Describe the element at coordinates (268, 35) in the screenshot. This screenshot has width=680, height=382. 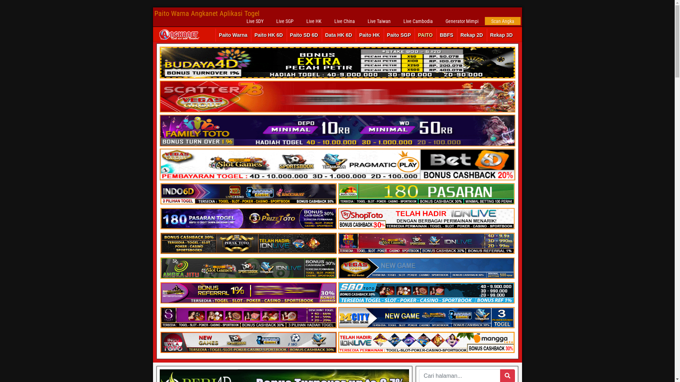
I see `'Paito HK 6D'` at that location.